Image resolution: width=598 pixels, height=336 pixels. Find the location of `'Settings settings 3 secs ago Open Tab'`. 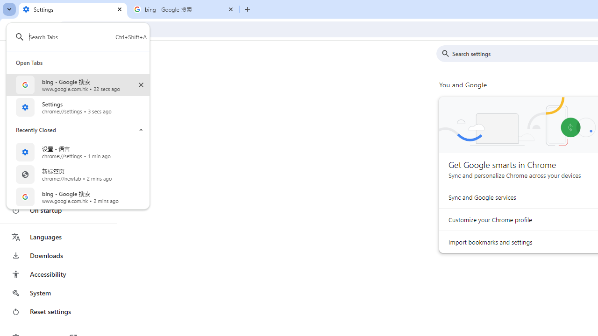

'Settings settings 3 secs ago Open Tab' is located at coordinates (81, 107).